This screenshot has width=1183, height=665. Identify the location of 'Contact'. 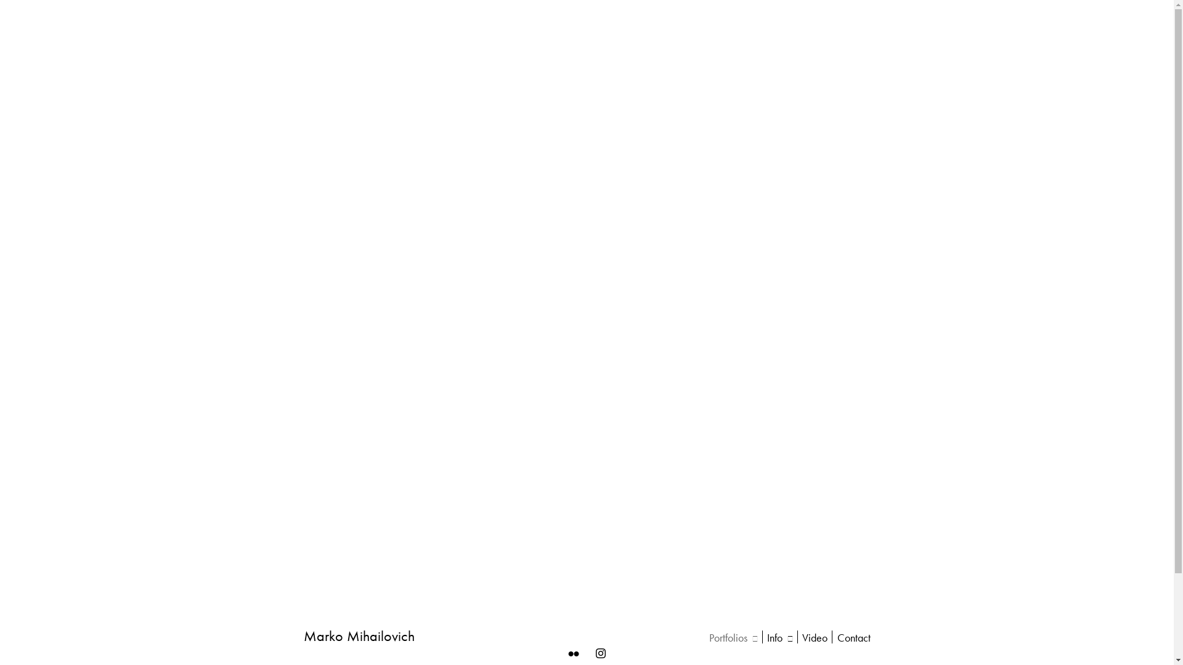
(853, 637).